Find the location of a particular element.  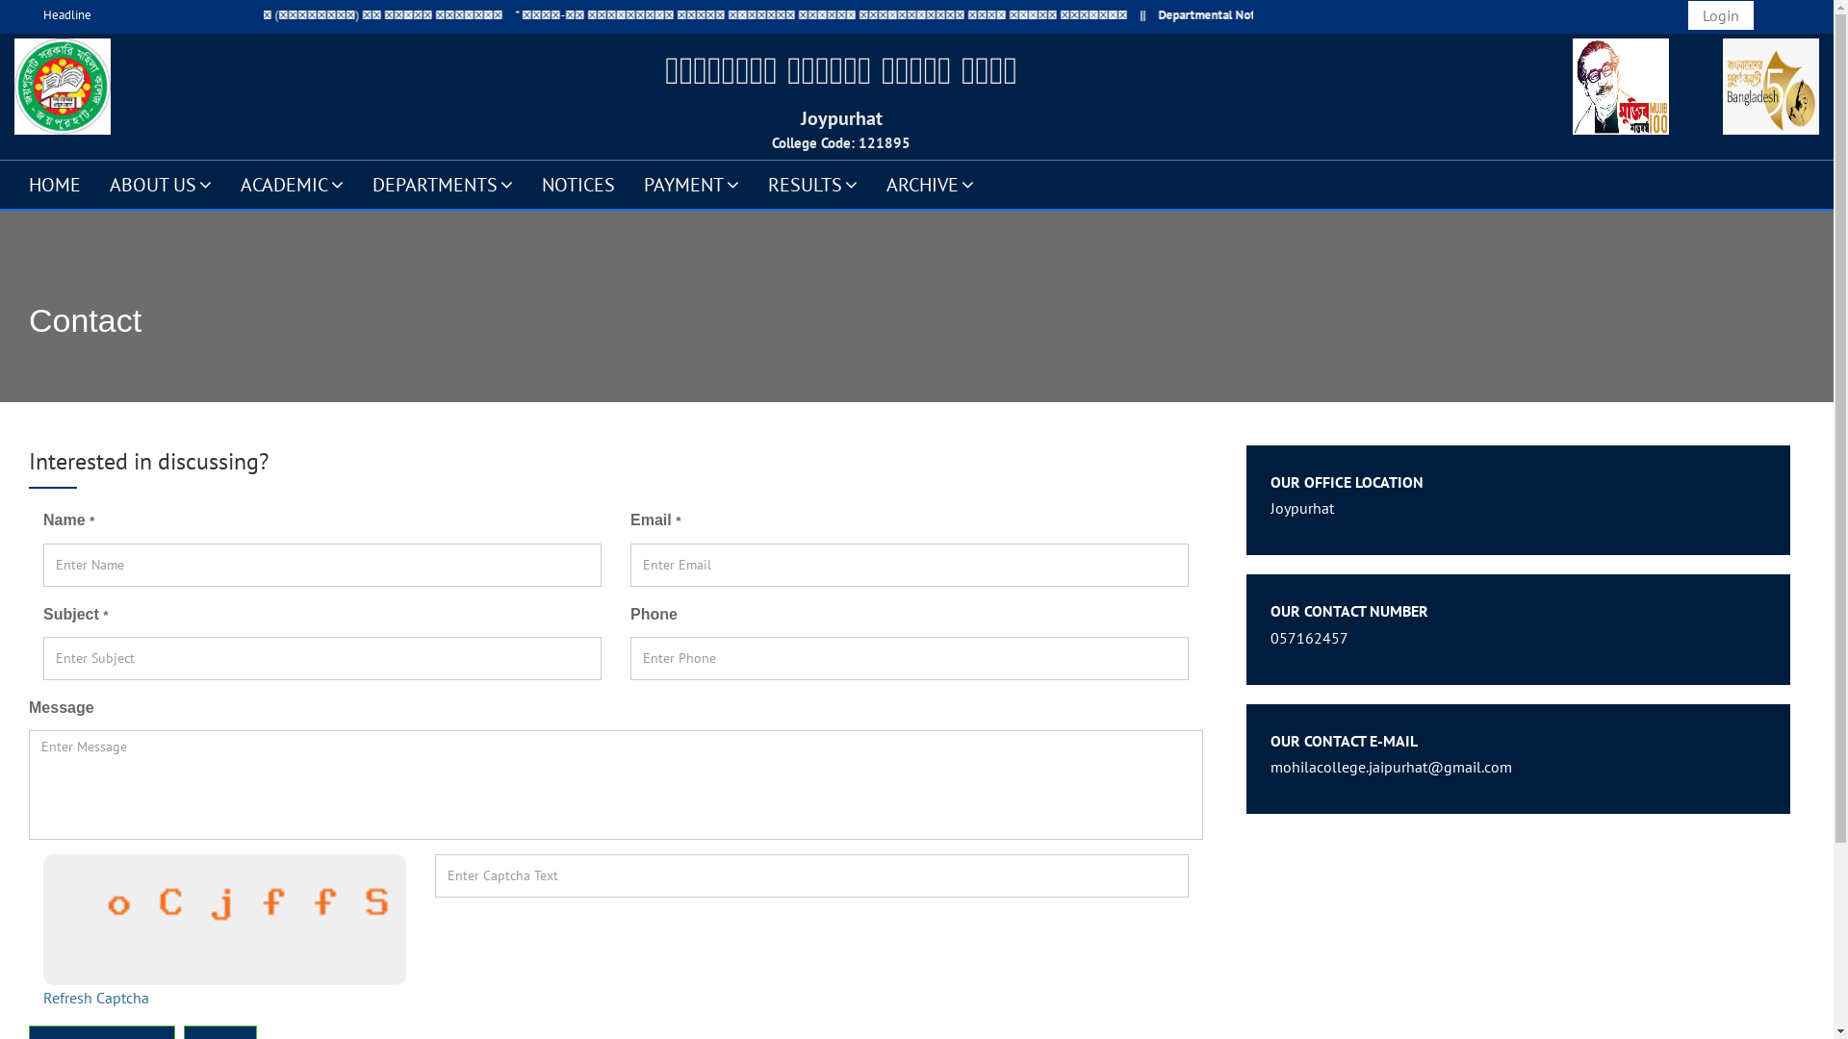

'NOTICES' is located at coordinates (577, 184).